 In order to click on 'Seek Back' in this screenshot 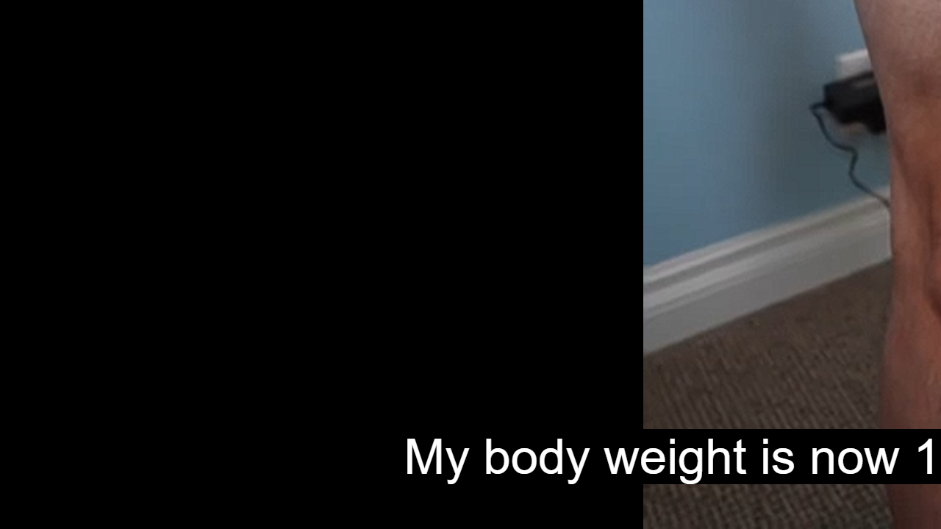, I will do `click(51, 511)`.